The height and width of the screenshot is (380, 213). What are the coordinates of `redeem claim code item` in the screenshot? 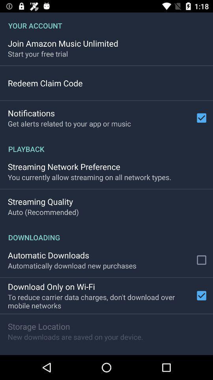 It's located at (45, 83).